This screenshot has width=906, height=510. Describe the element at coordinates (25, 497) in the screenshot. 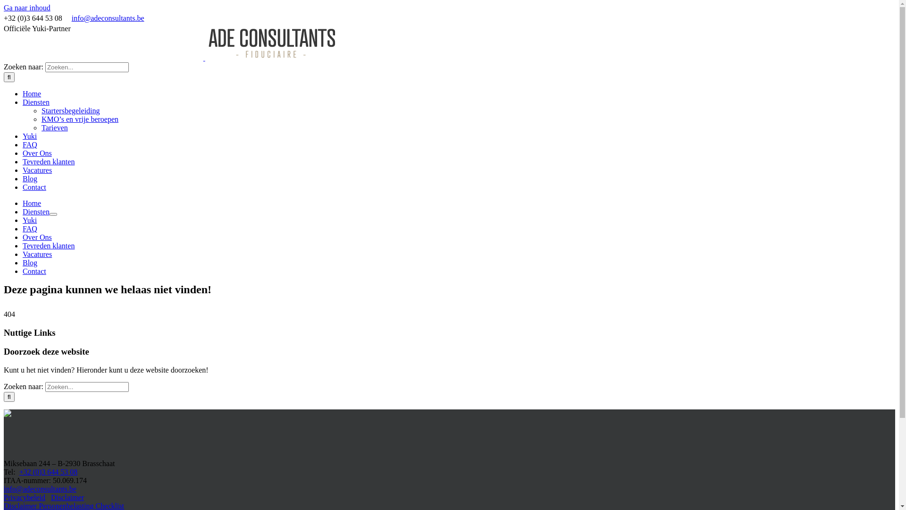

I see `'Privacybeleid'` at that location.